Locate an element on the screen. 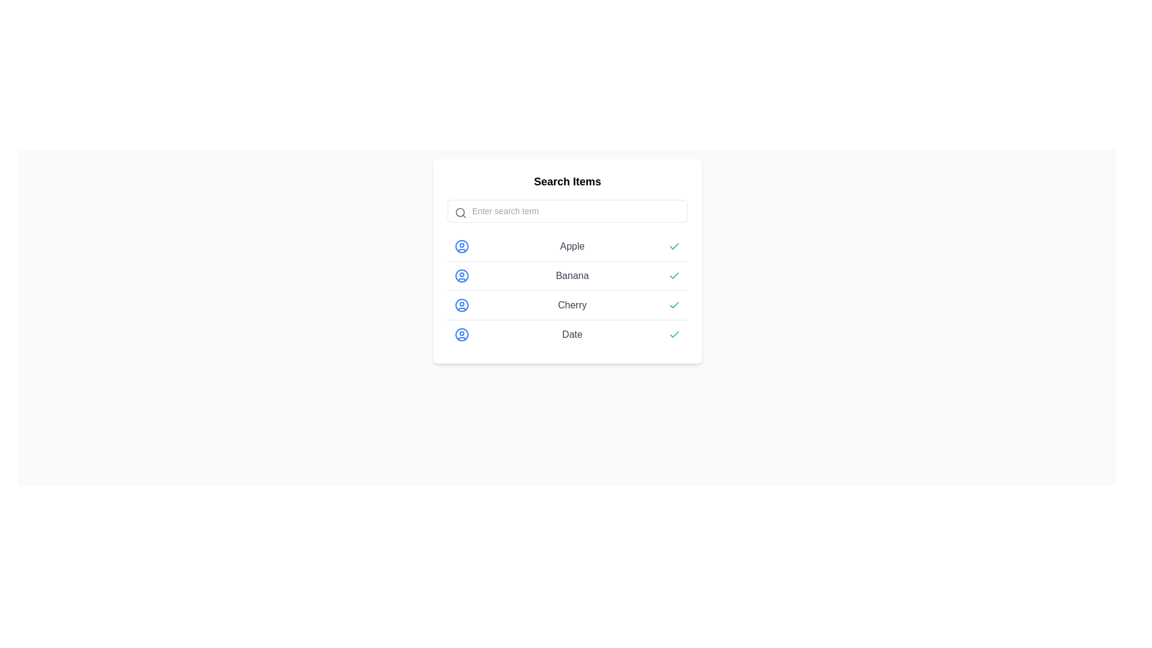 The image size is (1152, 648). the first list row item under 'Search Items', which features a user icon, the label 'Apple', and a green checkmark indicating selection is located at coordinates (566, 246).